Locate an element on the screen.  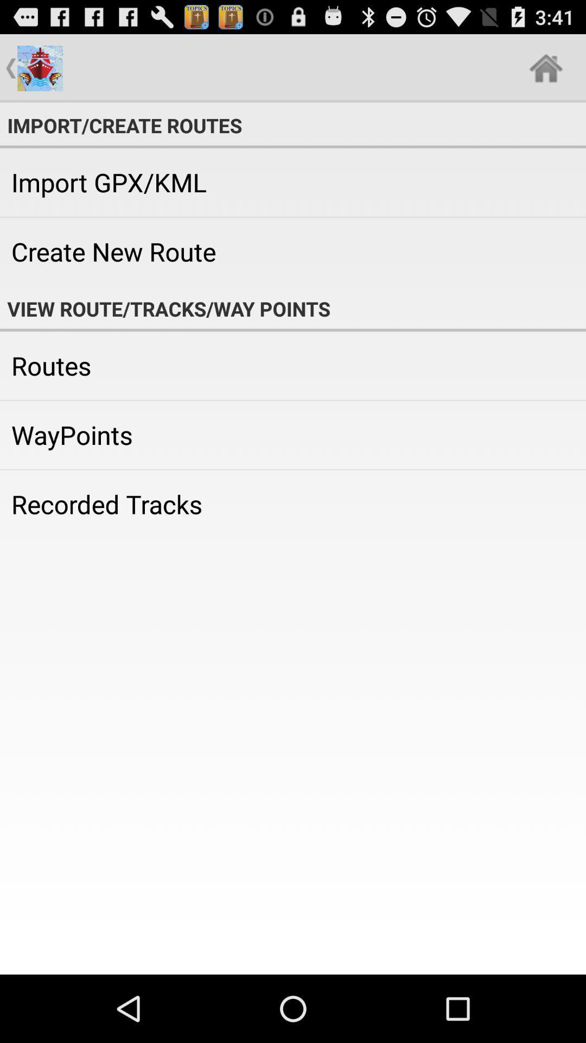
the create new route icon is located at coordinates (293, 251).